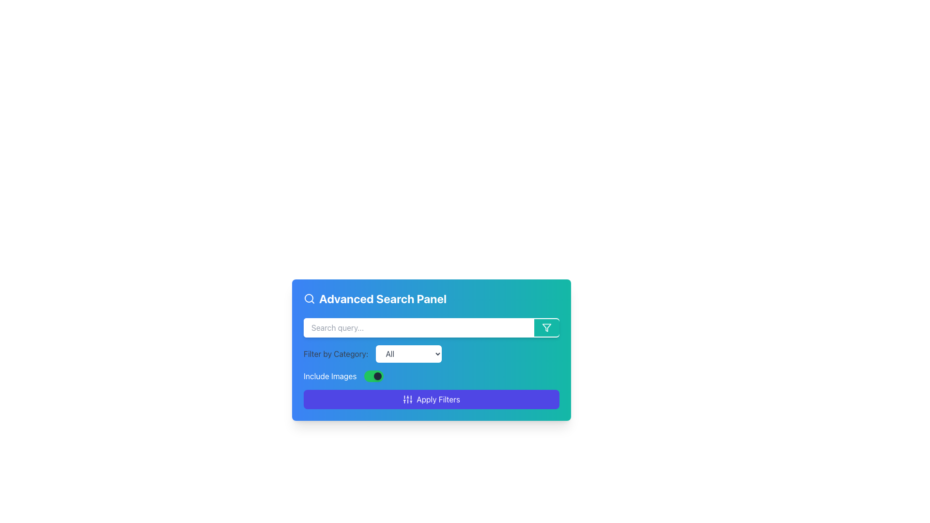  What do you see at coordinates (546, 327) in the screenshot?
I see `the button located at the right end of the search bar to apply the filter based on the current search settings` at bounding box center [546, 327].